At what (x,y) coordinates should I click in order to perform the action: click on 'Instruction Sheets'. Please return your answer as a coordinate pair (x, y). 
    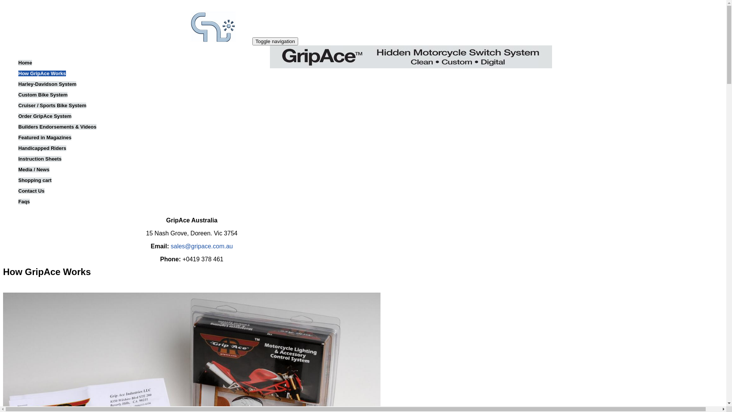
    Looking at the image, I should click on (39, 158).